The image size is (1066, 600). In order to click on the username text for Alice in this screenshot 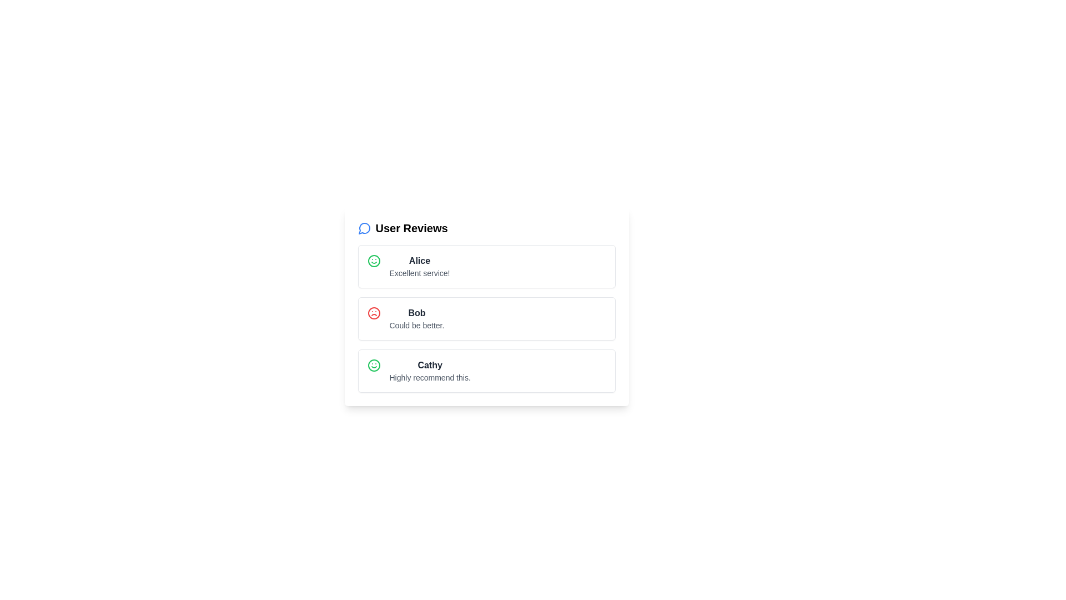, I will do `click(419, 261)`.